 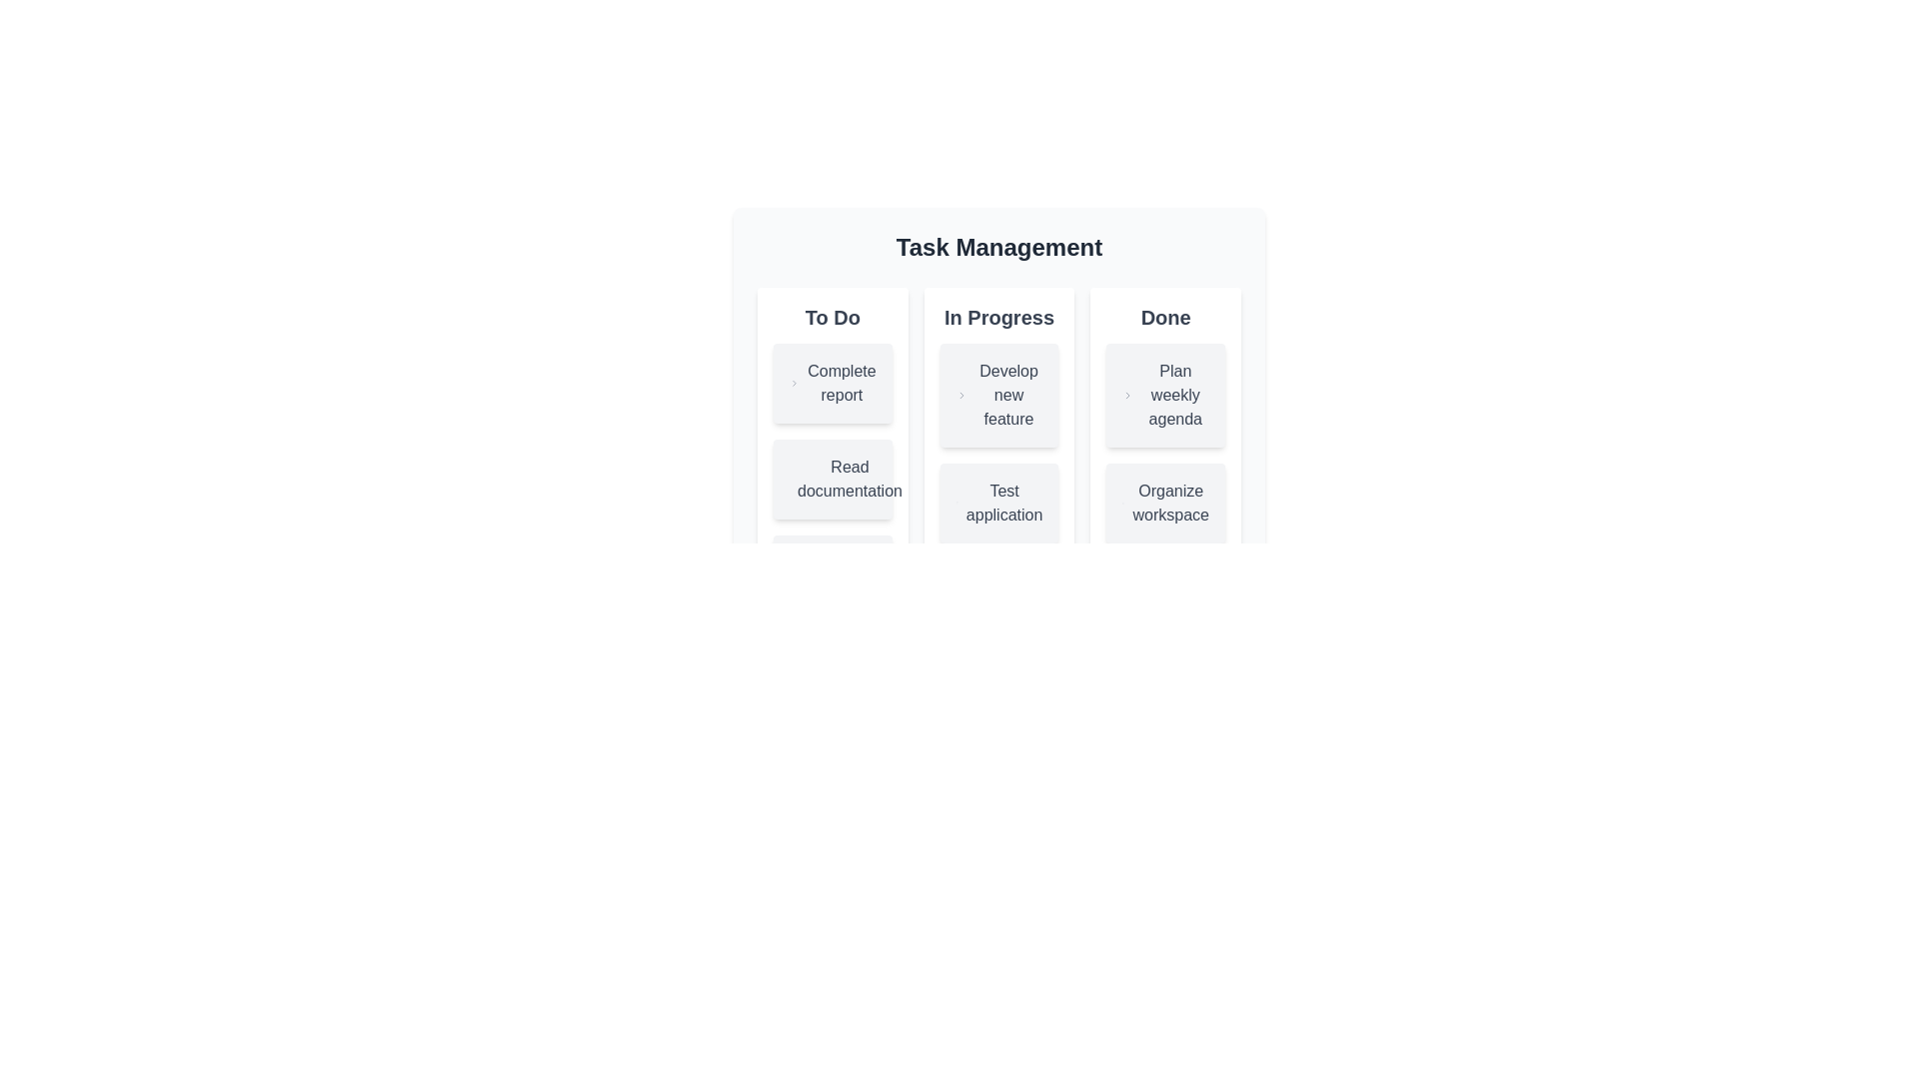 I want to click on the 'Develop new feature' task card located in the center column under 'In Progress', so click(x=998, y=363).